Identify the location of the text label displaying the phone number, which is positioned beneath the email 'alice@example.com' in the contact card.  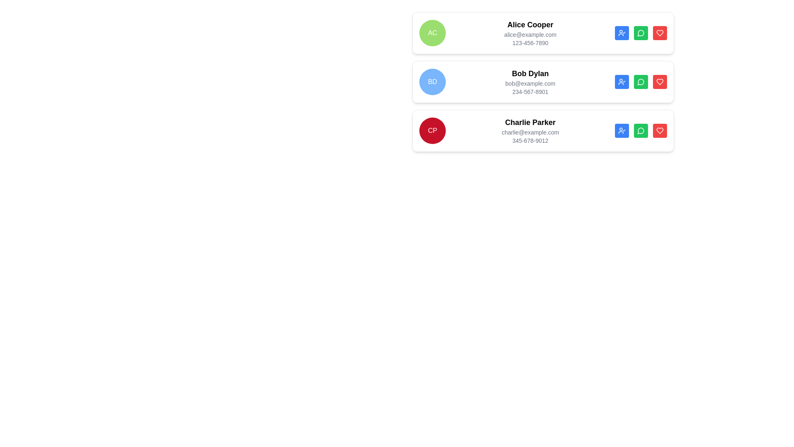
(530, 43).